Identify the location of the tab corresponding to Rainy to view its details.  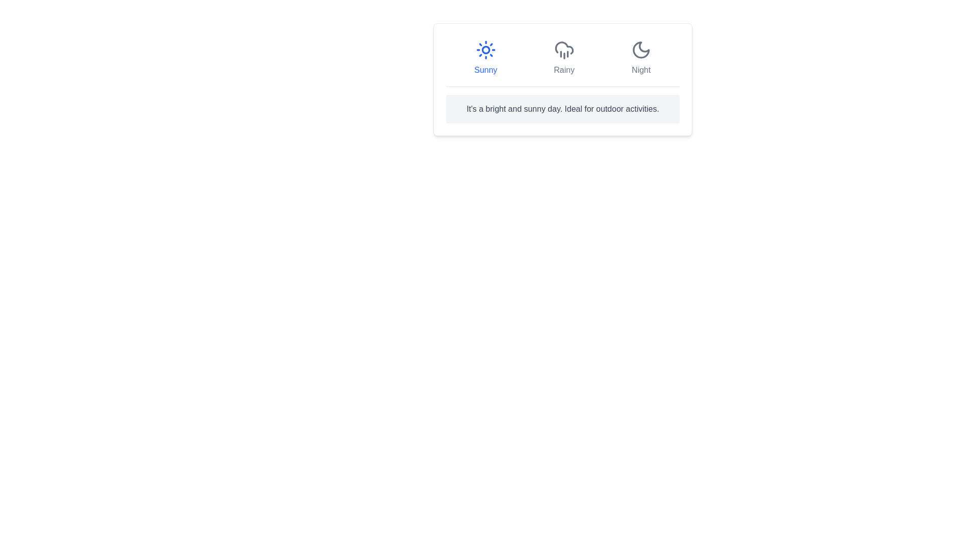
(563, 58).